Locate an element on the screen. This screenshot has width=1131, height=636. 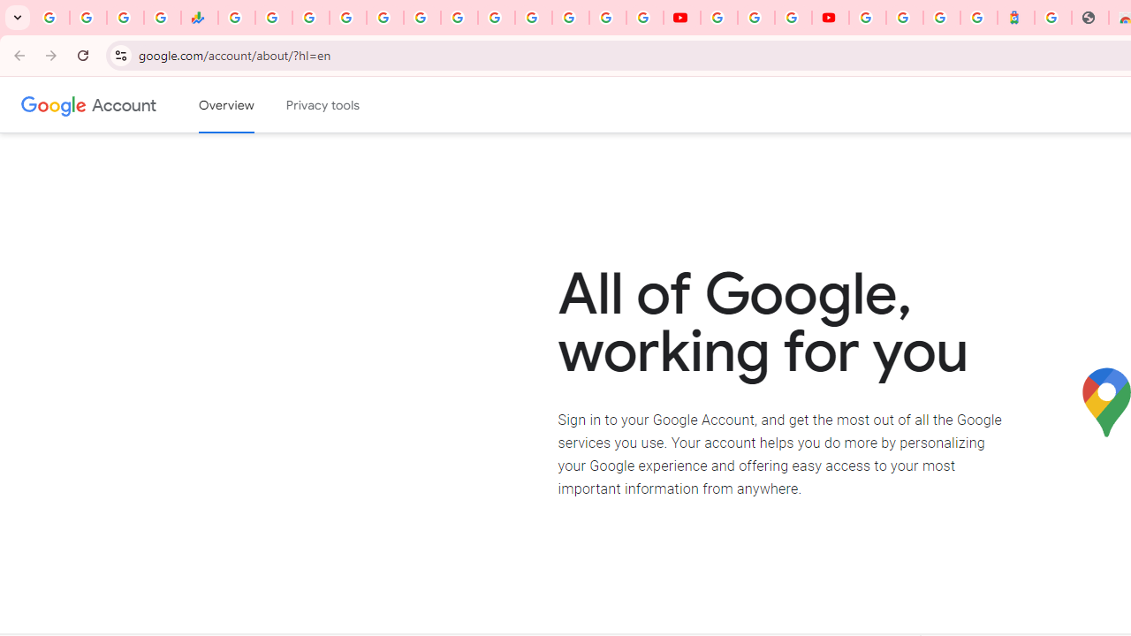
'Google Account' is located at coordinates (123, 104).